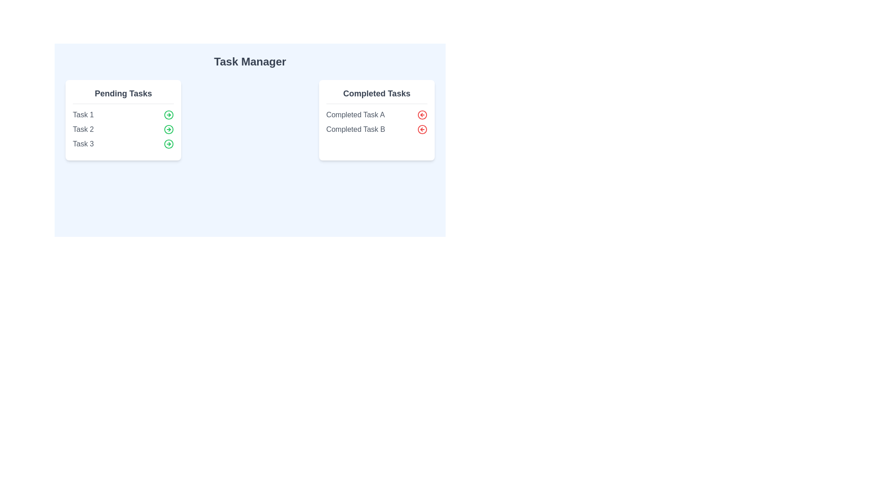  I want to click on green arrow button for the task labeled Task 2 to transfer it to 'Completed Tasks', so click(169, 130).